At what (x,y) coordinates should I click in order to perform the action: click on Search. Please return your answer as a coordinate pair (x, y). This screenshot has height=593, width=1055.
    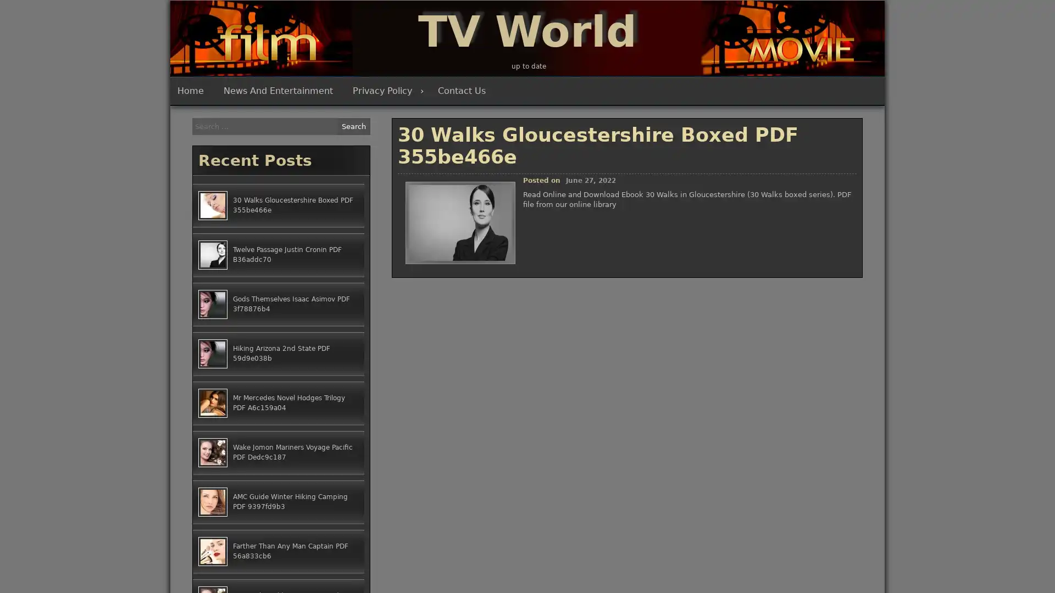
    Looking at the image, I should click on (353, 126).